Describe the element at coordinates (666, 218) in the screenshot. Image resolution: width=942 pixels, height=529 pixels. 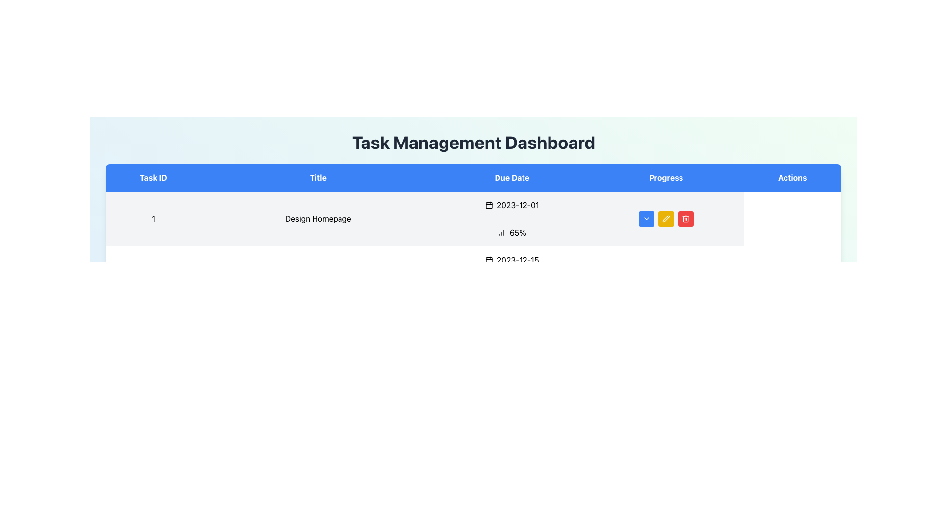
I see `the yellow button with white text and a rounded border in the 'Actions' column for 'Design Homepage' to invoke the editing function` at that location.